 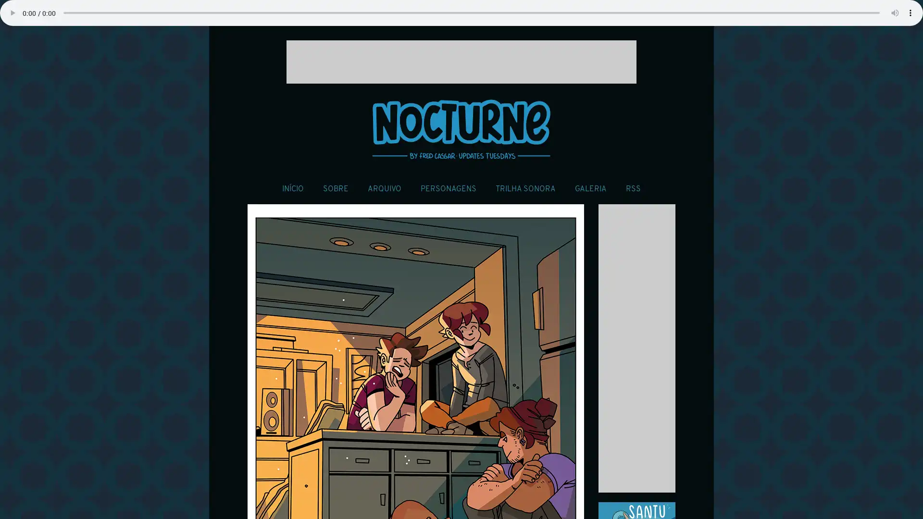 I want to click on mute, so click(x=895, y=13).